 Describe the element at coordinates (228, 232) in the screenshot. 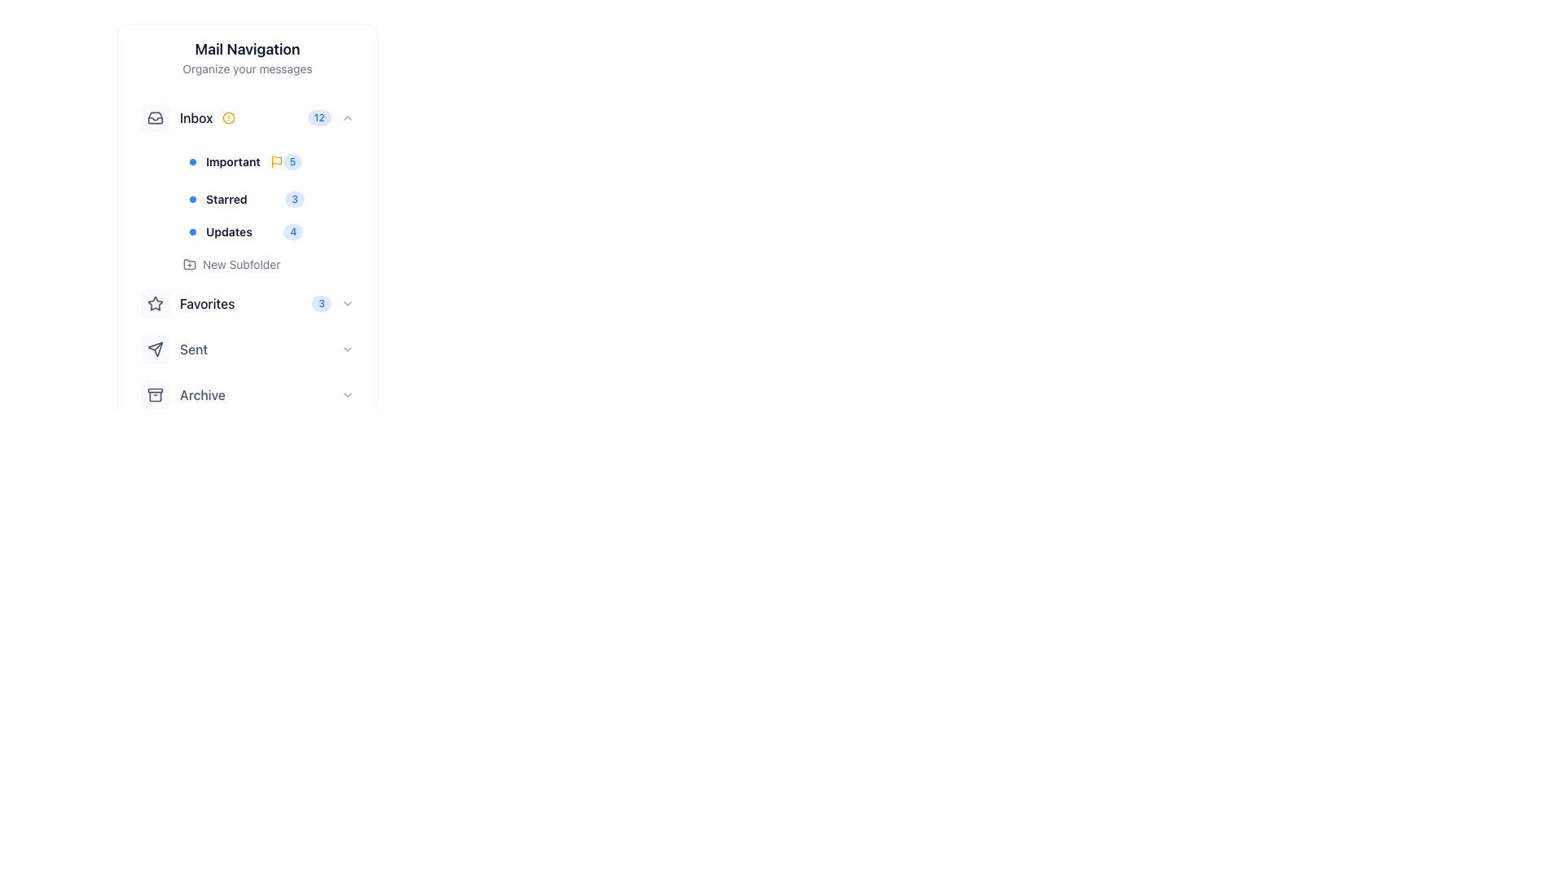

I see `the 'Updates' text label in the Mail Navigation panel, located under the Inbox section, which is the third sub-item after 'Important' and 'Starred'` at that location.